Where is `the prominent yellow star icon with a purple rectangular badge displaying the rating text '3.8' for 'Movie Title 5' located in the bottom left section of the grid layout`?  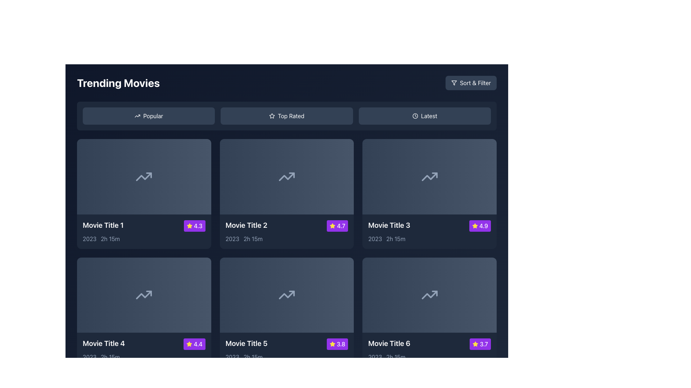 the prominent yellow star icon with a purple rectangular badge displaying the rating text '3.8' for 'Movie Title 5' located in the bottom left section of the grid layout is located at coordinates (332, 344).